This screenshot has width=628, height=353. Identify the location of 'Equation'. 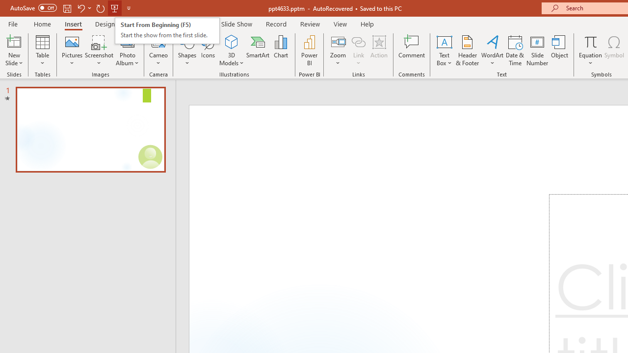
(590, 41).